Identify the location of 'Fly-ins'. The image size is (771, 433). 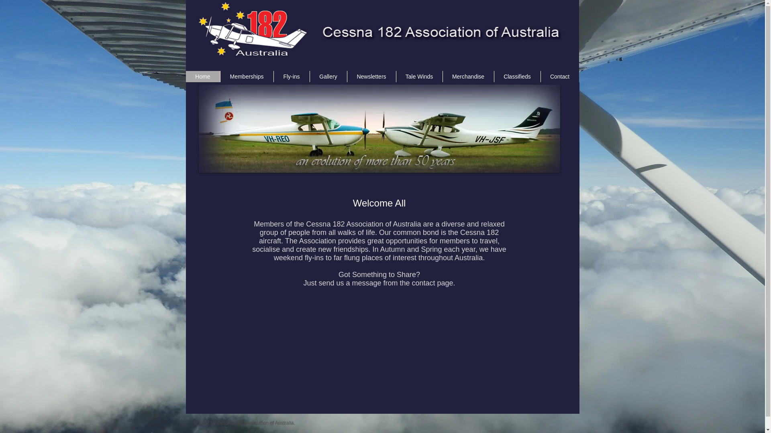
(290, 77).